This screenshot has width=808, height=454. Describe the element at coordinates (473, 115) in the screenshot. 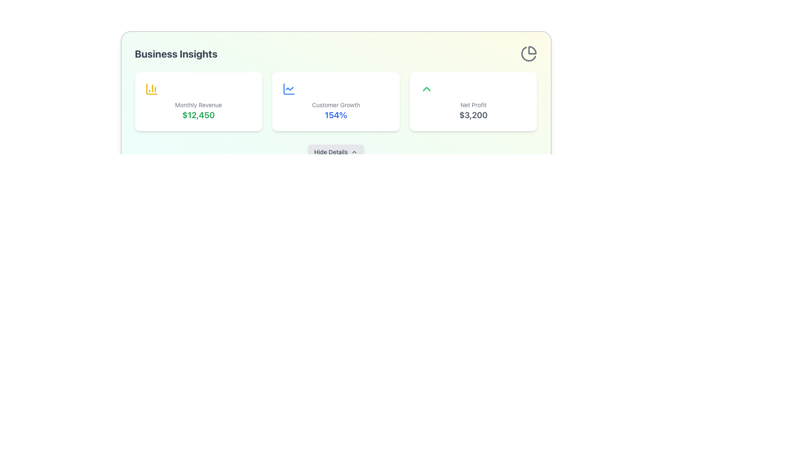

I see `the text display showing '$3,200', which is styled in a larger, bold, gray font and located in the 'Business Insights' section beneath the 'Net Profit' label and a green upward arrow icon` at that location.